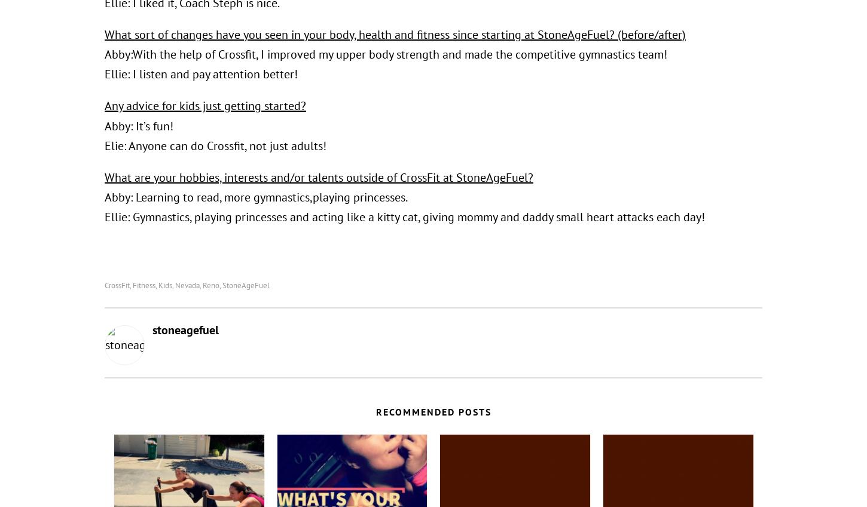  Describe the element at coordinates (138, 125) in the screenshot. I see `'Abby: It’s fun!'` at that location.